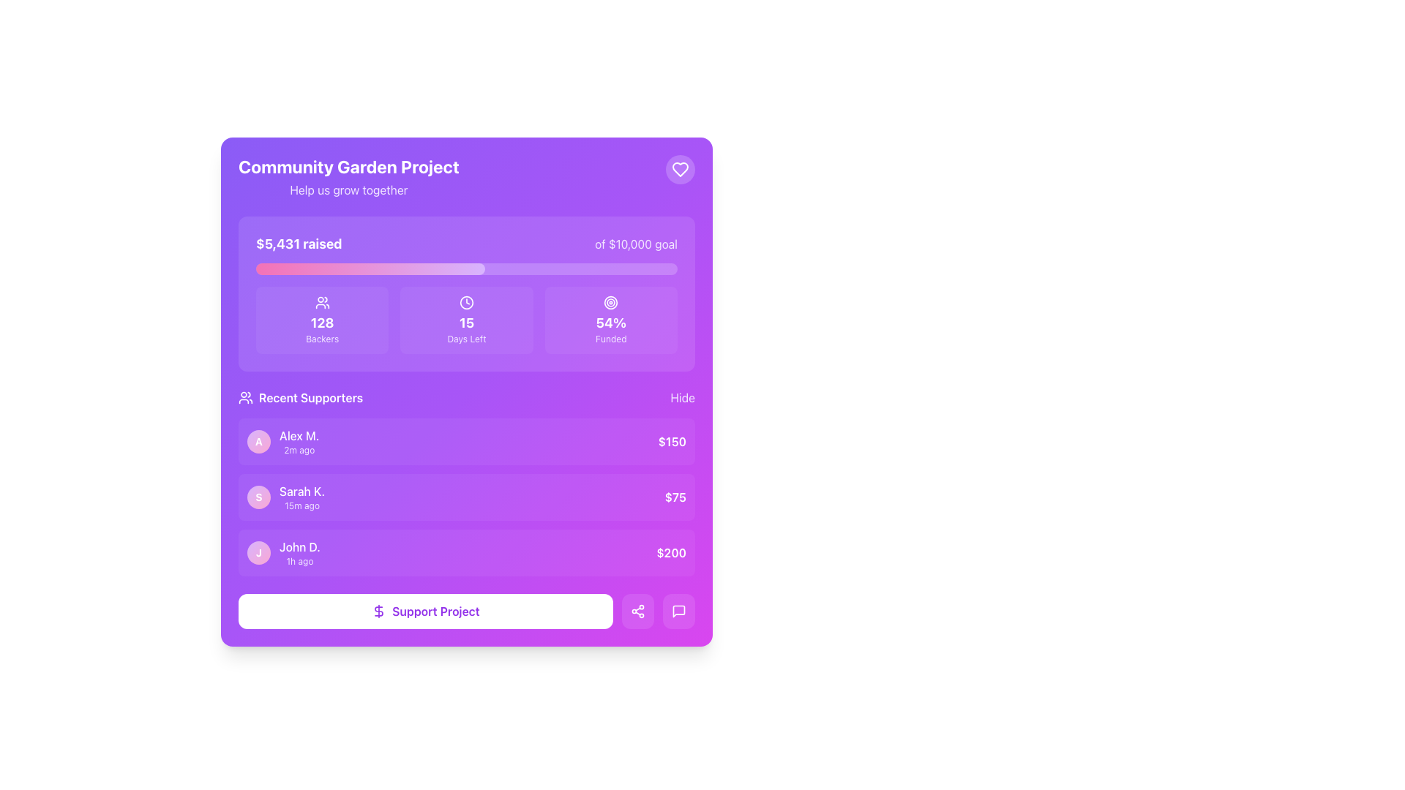 This screenshot has width=1405, height=790. Describe the element at coordinates (284, 553) in the screenshot. I see `the List item with a circular avatar displaying the letter 'J' and the name 'John D.' in the 'Recent Supporters' section` at that location.